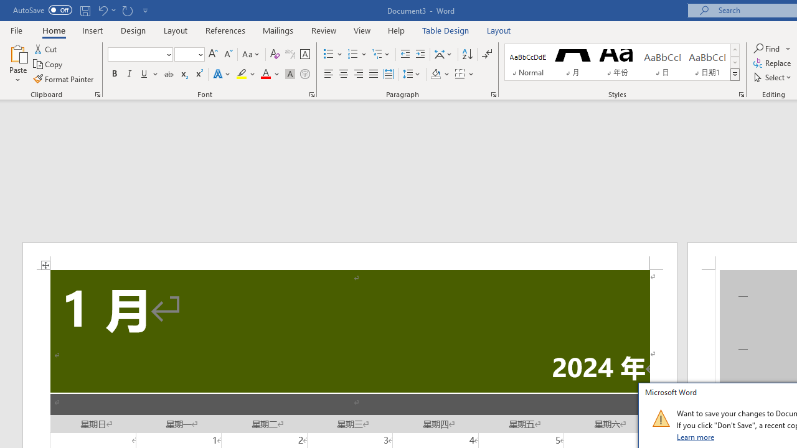  I want to click on 'Underline', so click(149, 74).